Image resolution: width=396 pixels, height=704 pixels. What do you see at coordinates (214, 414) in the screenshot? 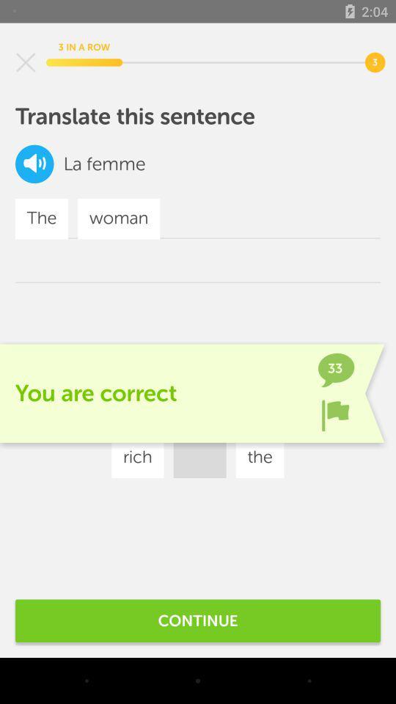
I see `icon to the right of the woman` at bounding box center [214, 414].